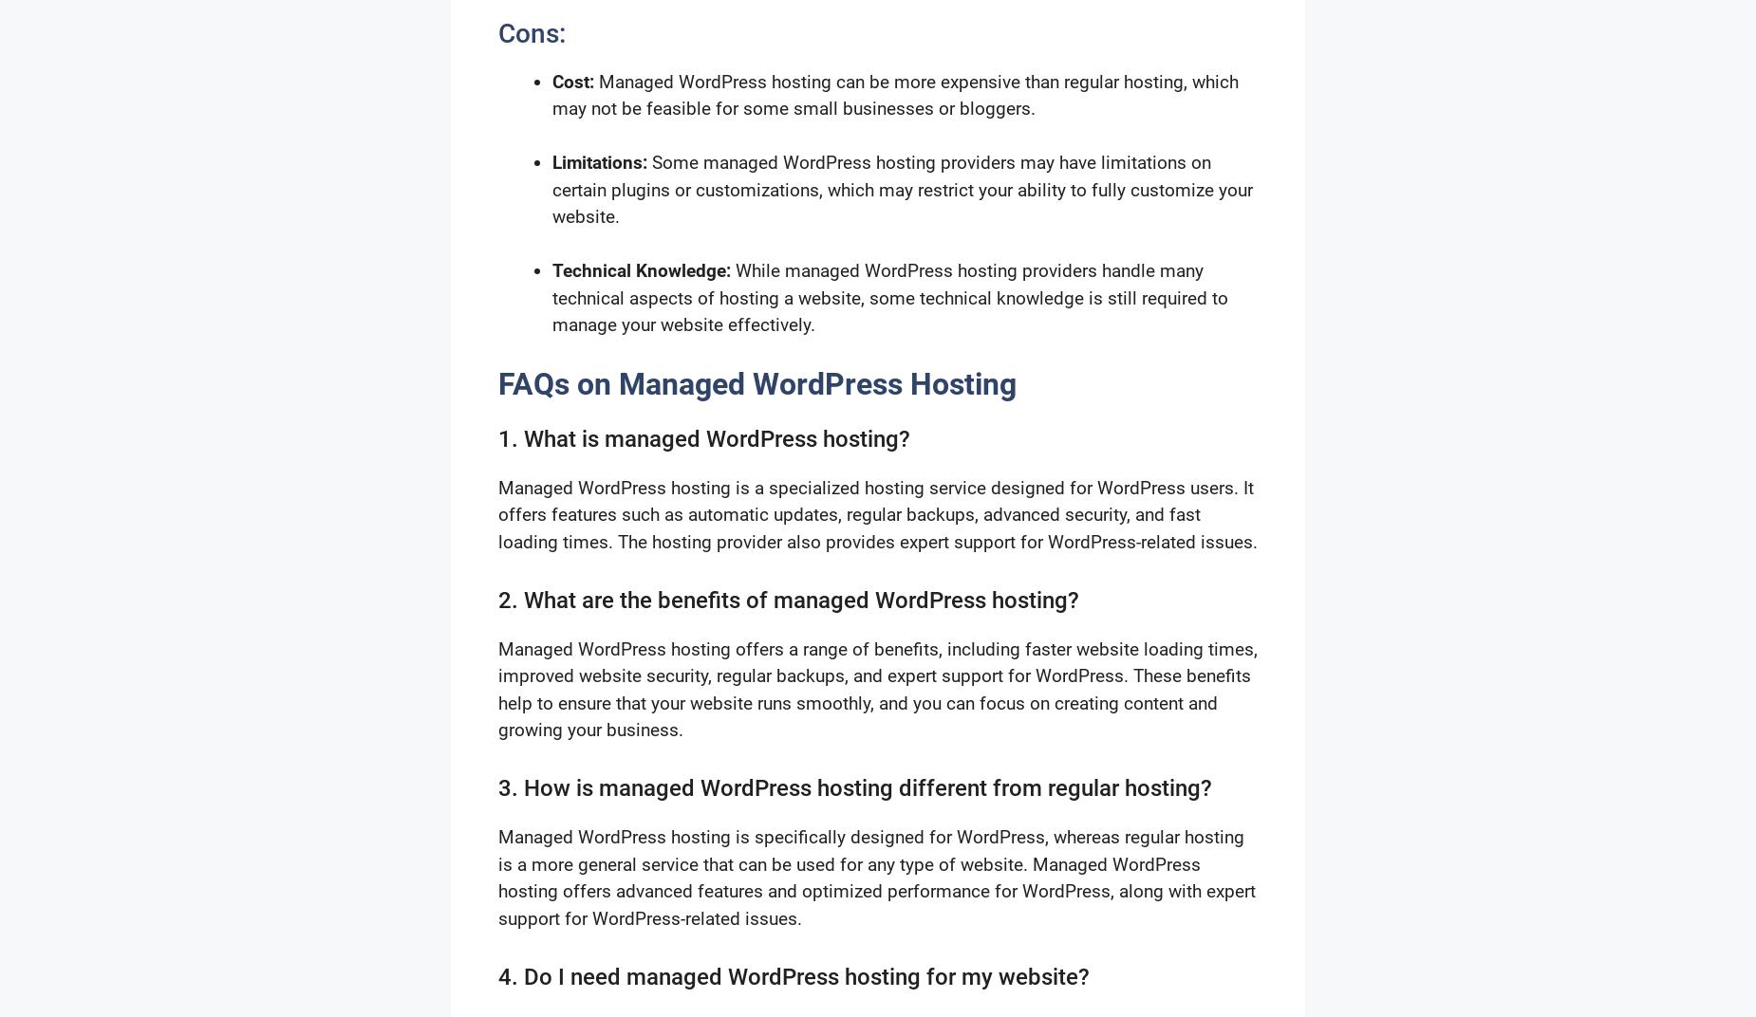 The image size is (1756, 1017). What do you see at coordinates (789, 600) in the screenshot?
I see `'2. What are the benefits of managed WordPress hosting?'` at bounding box center [789, 600].